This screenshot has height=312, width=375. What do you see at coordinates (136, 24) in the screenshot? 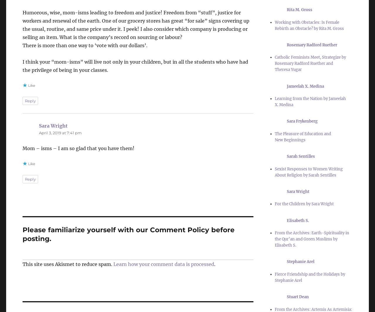
I see `'Humorous, wise, mom-isms leading to freedom and justice!  Freedom from “stuff”, justice for workers and renewal of the earth. One of our grocery stores has great “for sale” signs covering up the usual, routine, and same price under it.  I peek!  I also consider which company is producing or selling an item. What is the company’s record on sourcing or labour?'` at bounding box center [136, 24].